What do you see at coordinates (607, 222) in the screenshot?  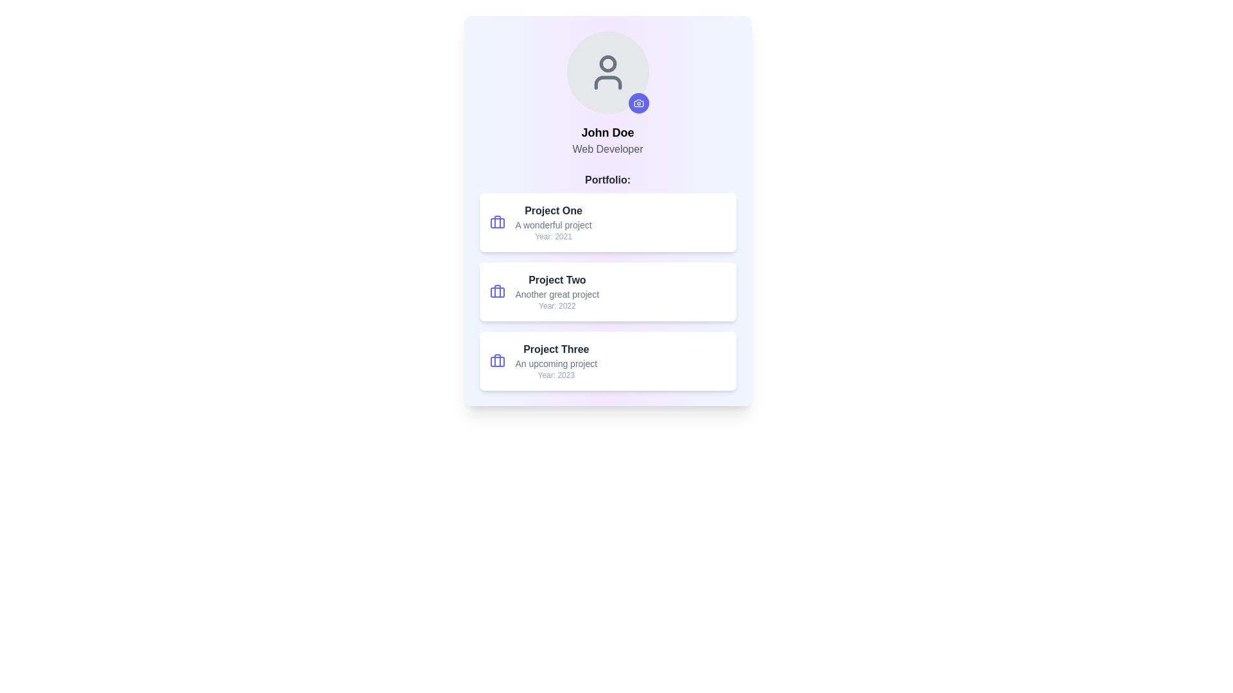 I see `the first project card component in the portfolio section, which contains the project title 'Project One', description 'A wonderful project', and the year '2021'` at bounding box center [607, 222].